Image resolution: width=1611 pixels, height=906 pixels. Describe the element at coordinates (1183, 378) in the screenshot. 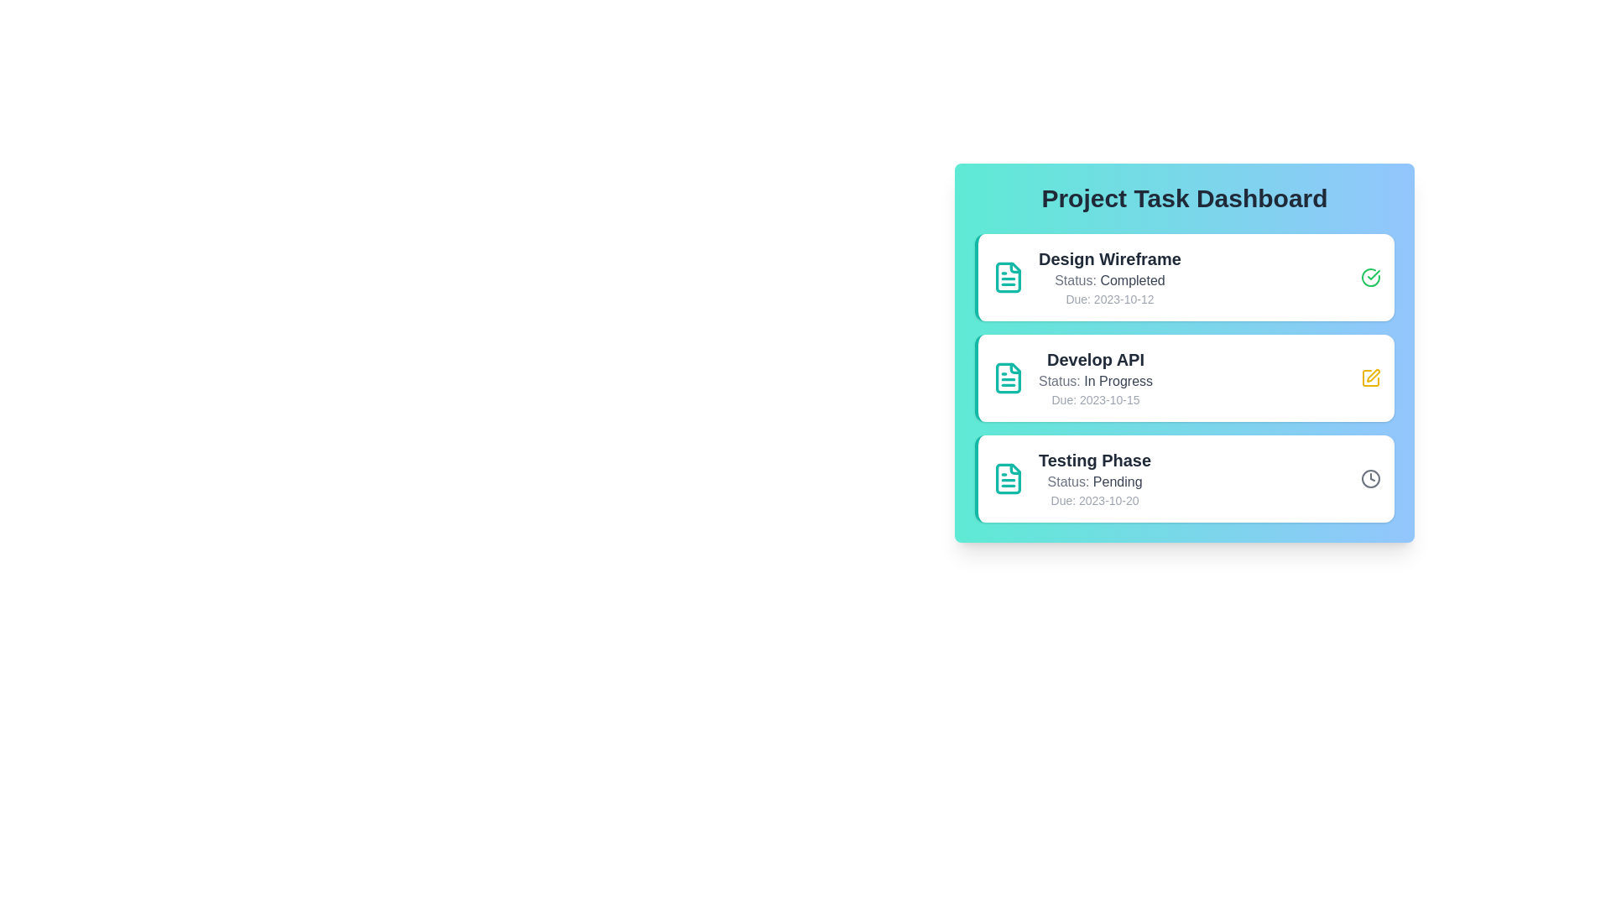

I see `the task card for Develop API to access detailed task information` at that location.